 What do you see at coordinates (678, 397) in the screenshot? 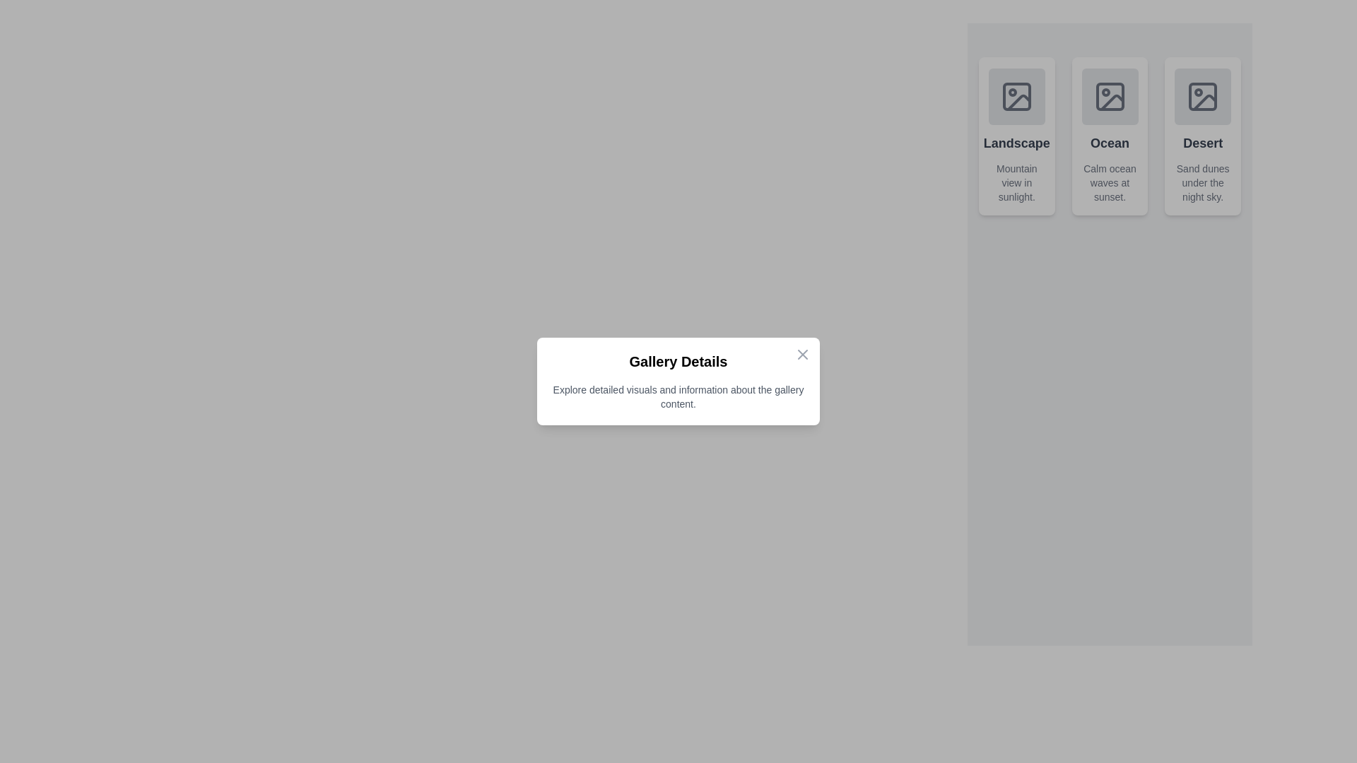
I see `the Text element that provides descriptive information about the gallery content, located centrally at the bottom of the card, directly below the 'Gallery Details' heading` at bounding box center [678, 397].